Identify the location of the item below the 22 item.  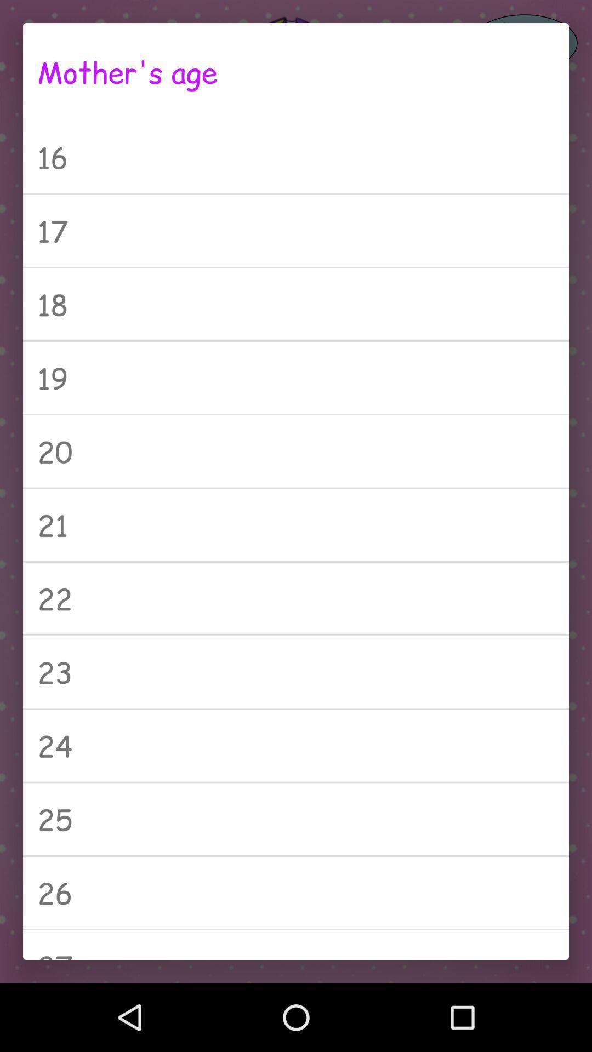
(296, 671).